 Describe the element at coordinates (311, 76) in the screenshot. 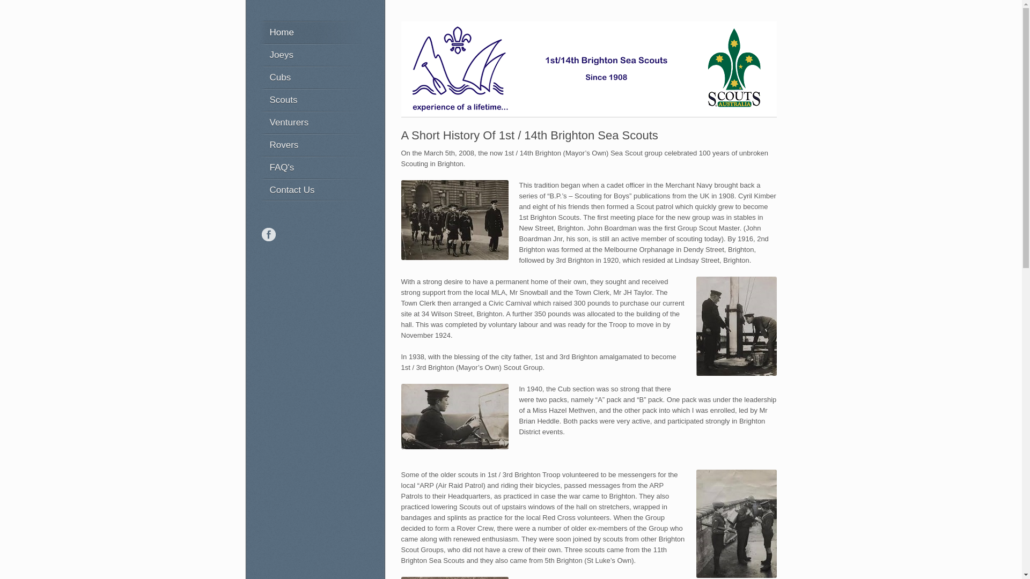

I see `'Cubs'` at that location.